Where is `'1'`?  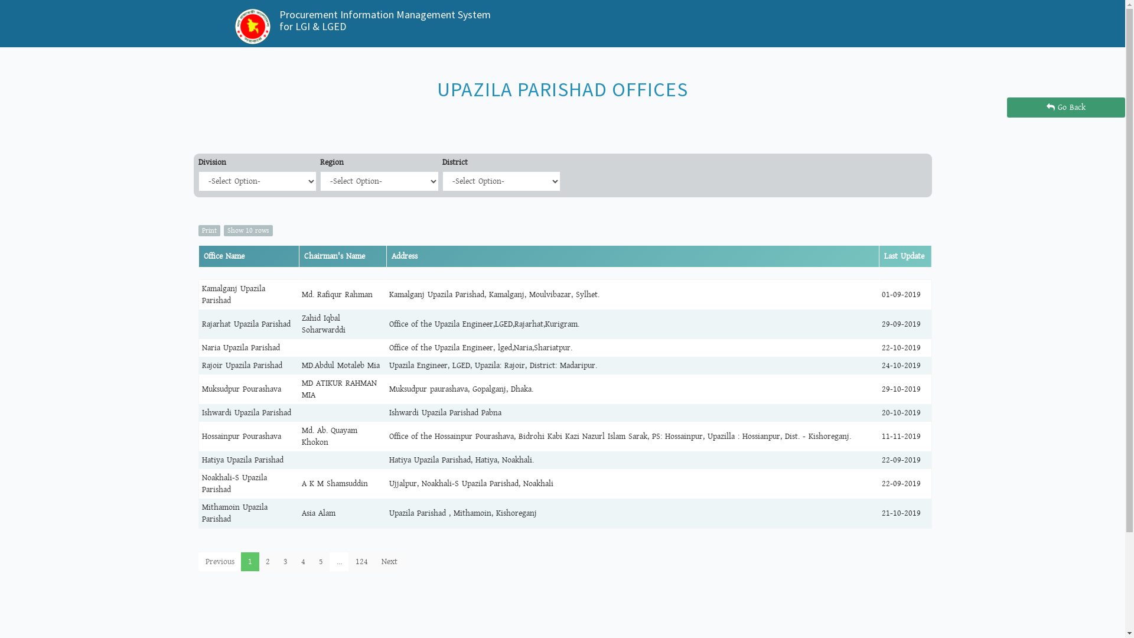 '1' is located at coordinates (249, 561).